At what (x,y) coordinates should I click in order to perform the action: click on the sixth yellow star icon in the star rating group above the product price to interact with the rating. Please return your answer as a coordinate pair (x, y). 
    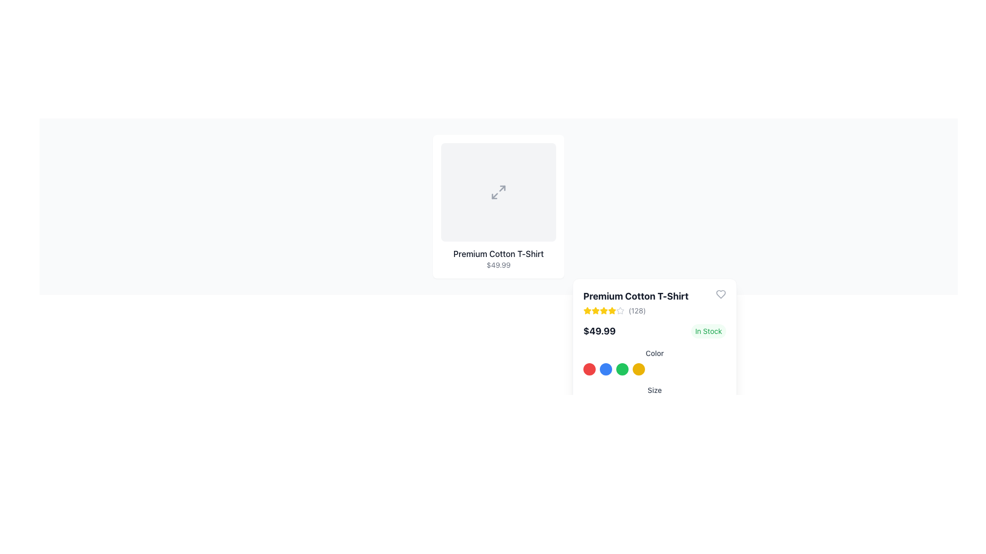
    Looking at the image, I should click on (612, 310).